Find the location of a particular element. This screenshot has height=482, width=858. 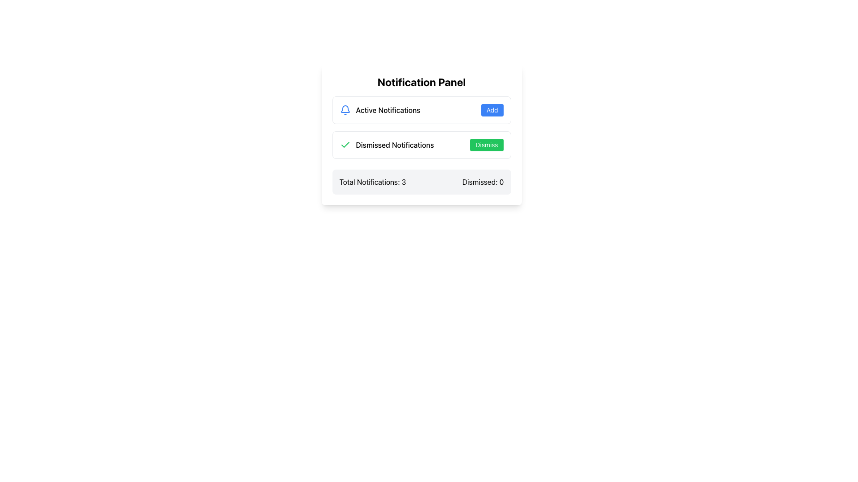

the rectangular 'Dismiss' button with a green background is located at coordinates (486, 144).